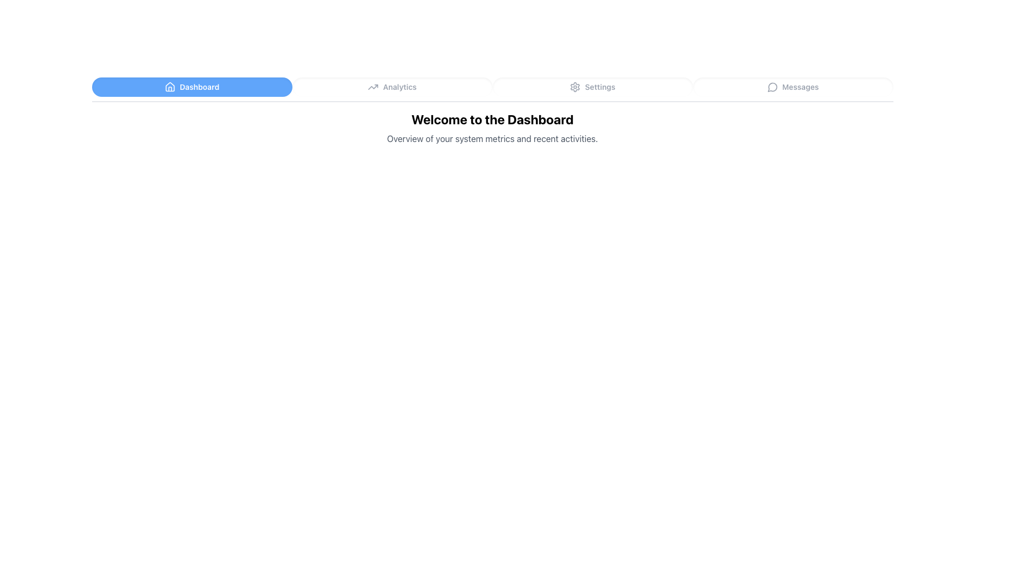 Image resolution: width=1034 pixels, height=581 pixels. Describe the element at coordinates (492, 138) in the screenshot. I see `the introductory description text located below 'Welcome to the Dashboard', which provides an overview statement for the section` at that location.